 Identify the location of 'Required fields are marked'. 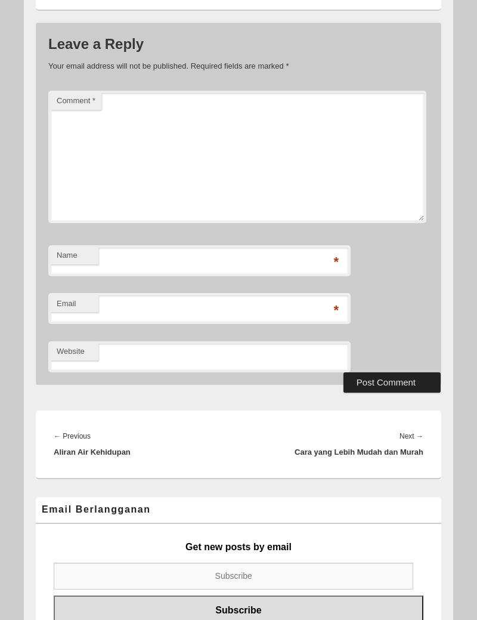
(237, 64).